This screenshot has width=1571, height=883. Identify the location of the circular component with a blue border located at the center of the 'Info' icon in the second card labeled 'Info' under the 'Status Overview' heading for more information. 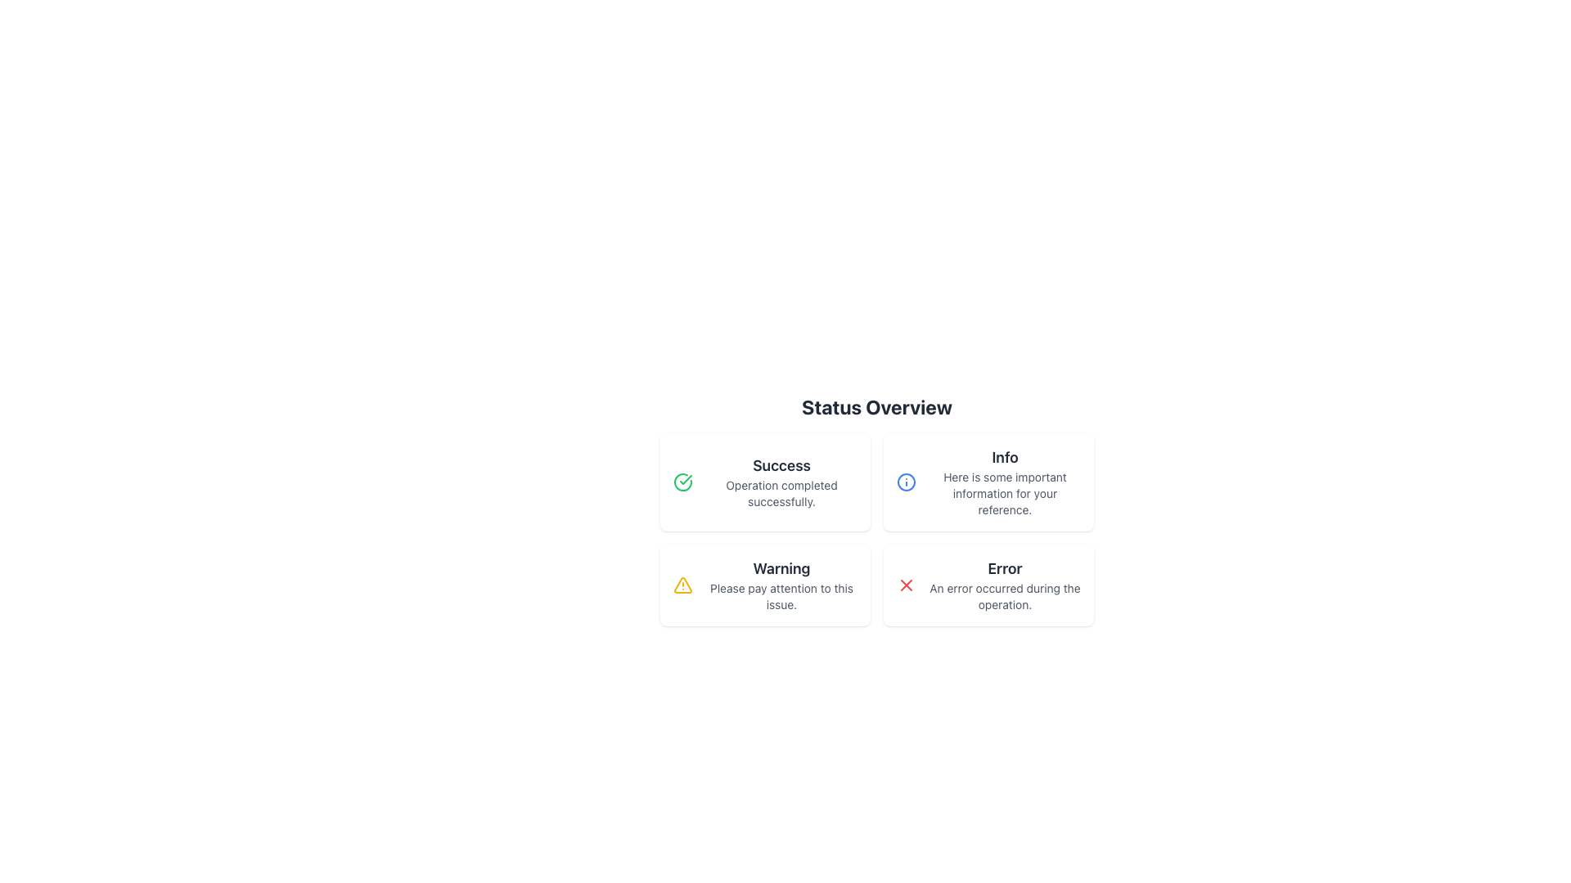
(906, 482).